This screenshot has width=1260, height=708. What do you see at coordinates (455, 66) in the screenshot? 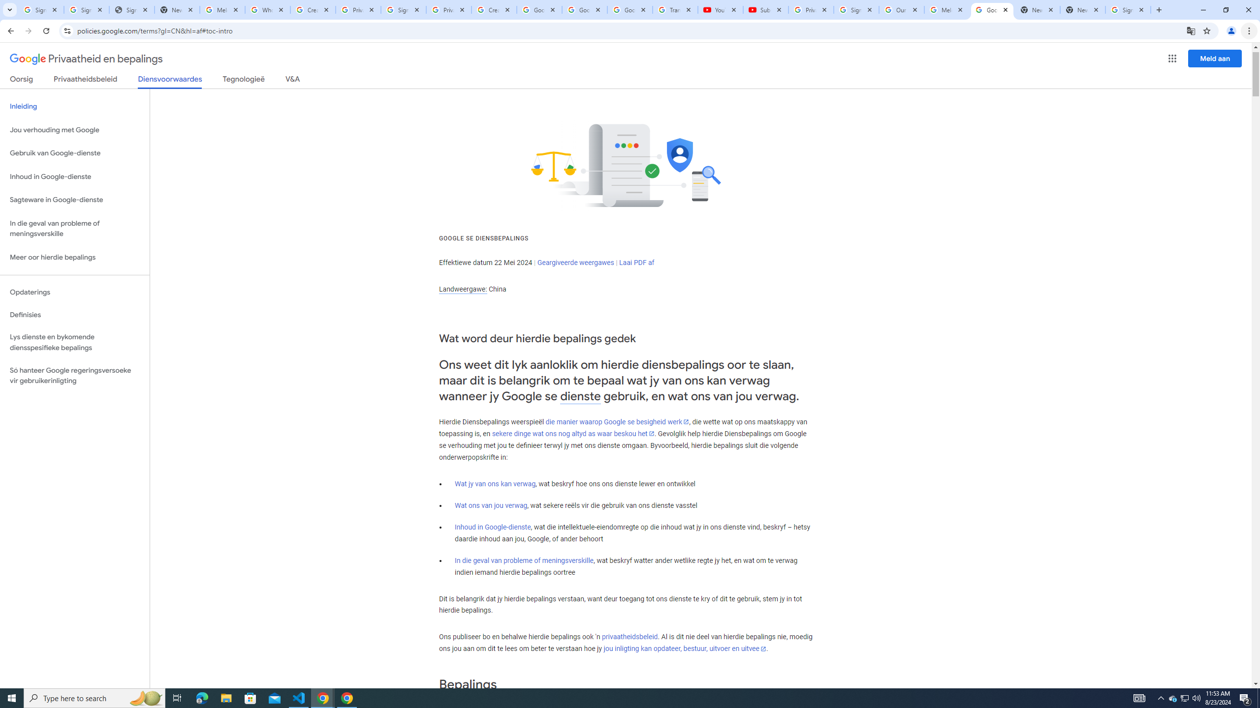
I see `'Insert Merge Field'` at bounding box center [455, 66].